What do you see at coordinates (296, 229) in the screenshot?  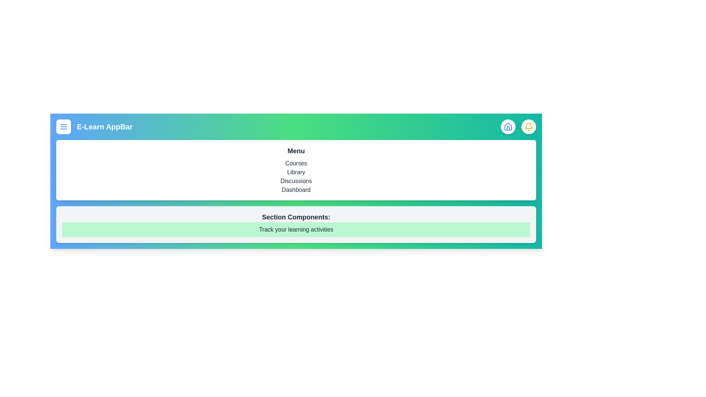 I see `the text 'Track your learning activities' in the section components area` at bounding box center [296, 229].